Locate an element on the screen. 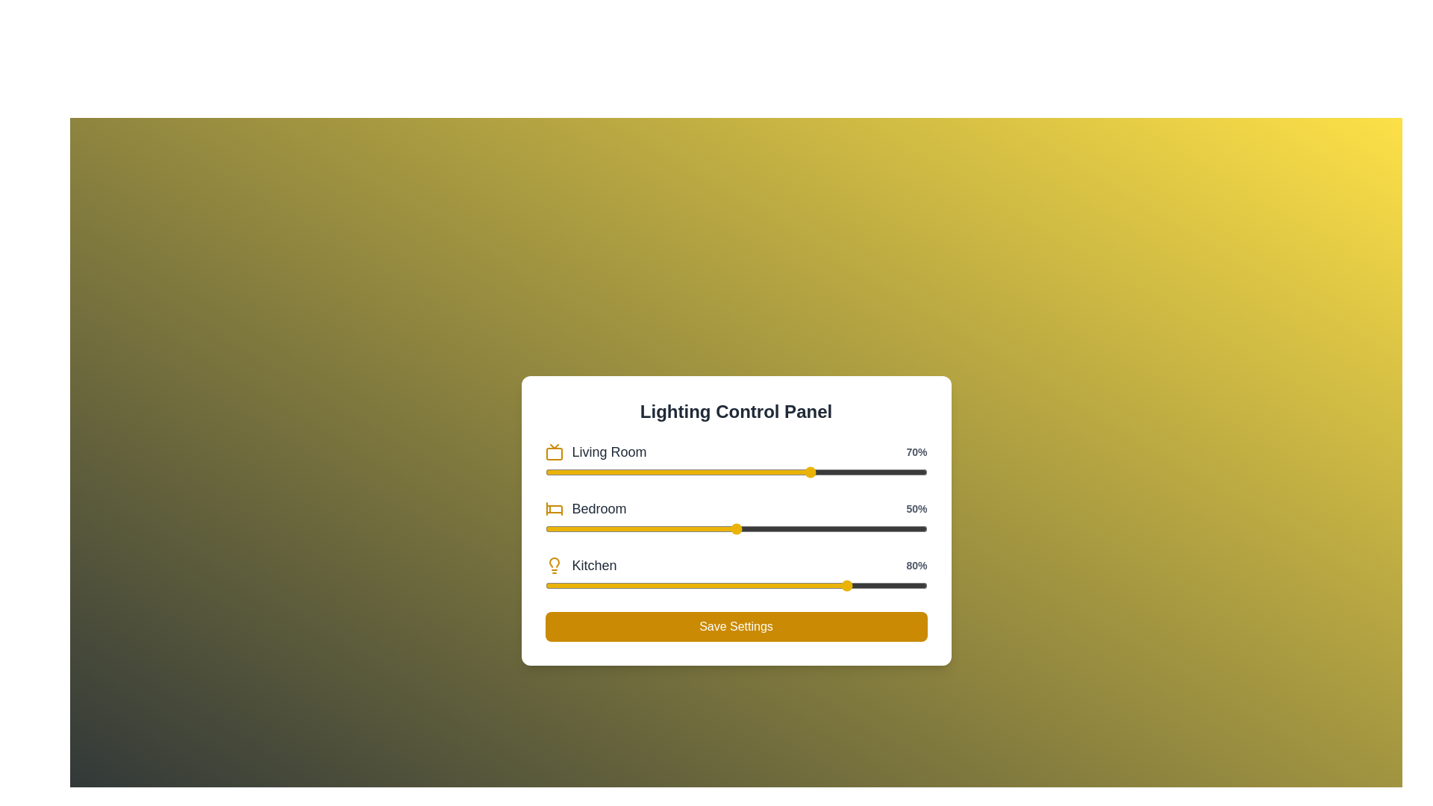 The image size is (1433, 806). the icon representing the Kitchen room is located at coordinates (553, 566).